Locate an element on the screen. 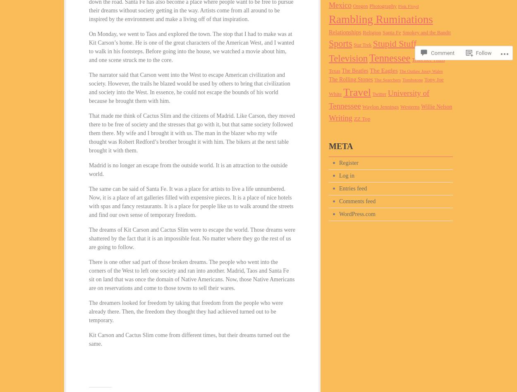 The width and height of the screenshot is (517, 392). 'Oregon' is located at coordinates (360, 6).